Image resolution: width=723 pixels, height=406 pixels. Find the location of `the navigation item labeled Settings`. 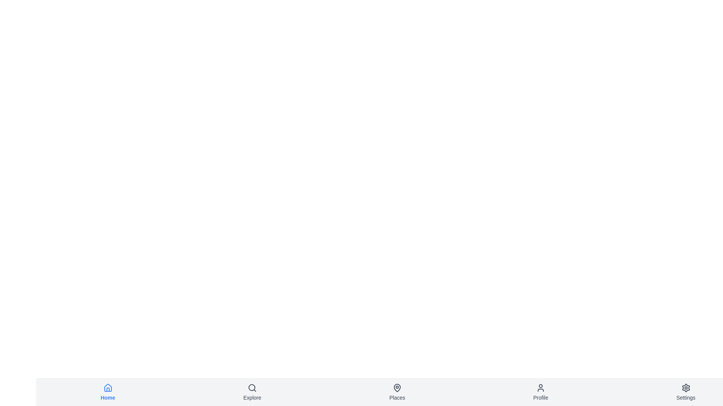

the navigation item labeled Settings is located at coordinates (686, 392).